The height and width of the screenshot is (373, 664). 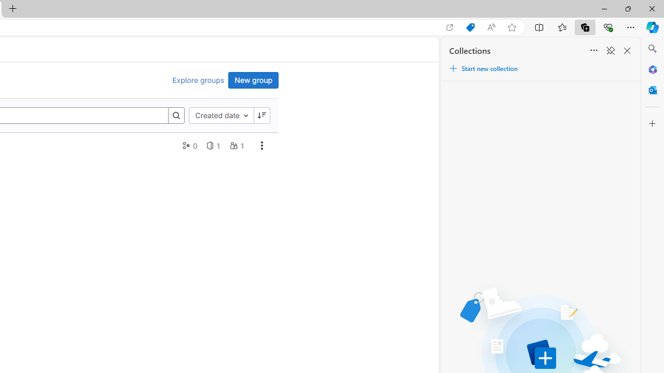 What do you see at coordinates (253, 79) in the screenshot?
I see `'New group'` at bounding box center [253, 79].